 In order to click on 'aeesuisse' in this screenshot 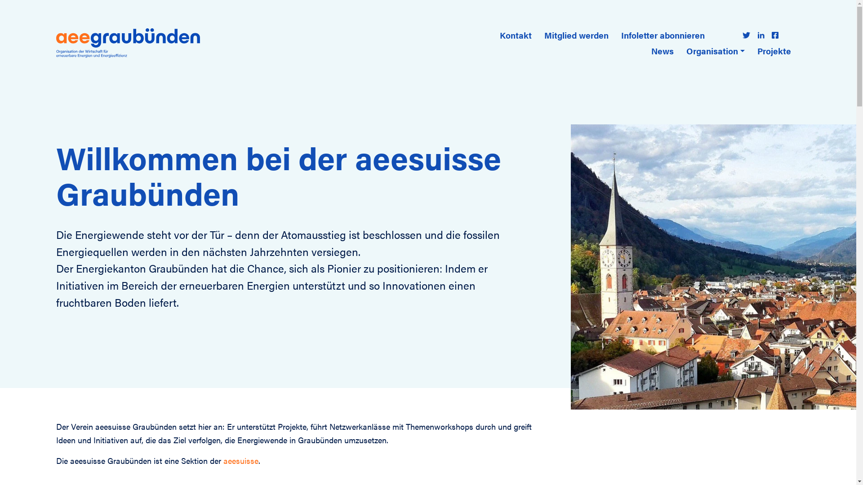, I will do `click(241, 460)`.